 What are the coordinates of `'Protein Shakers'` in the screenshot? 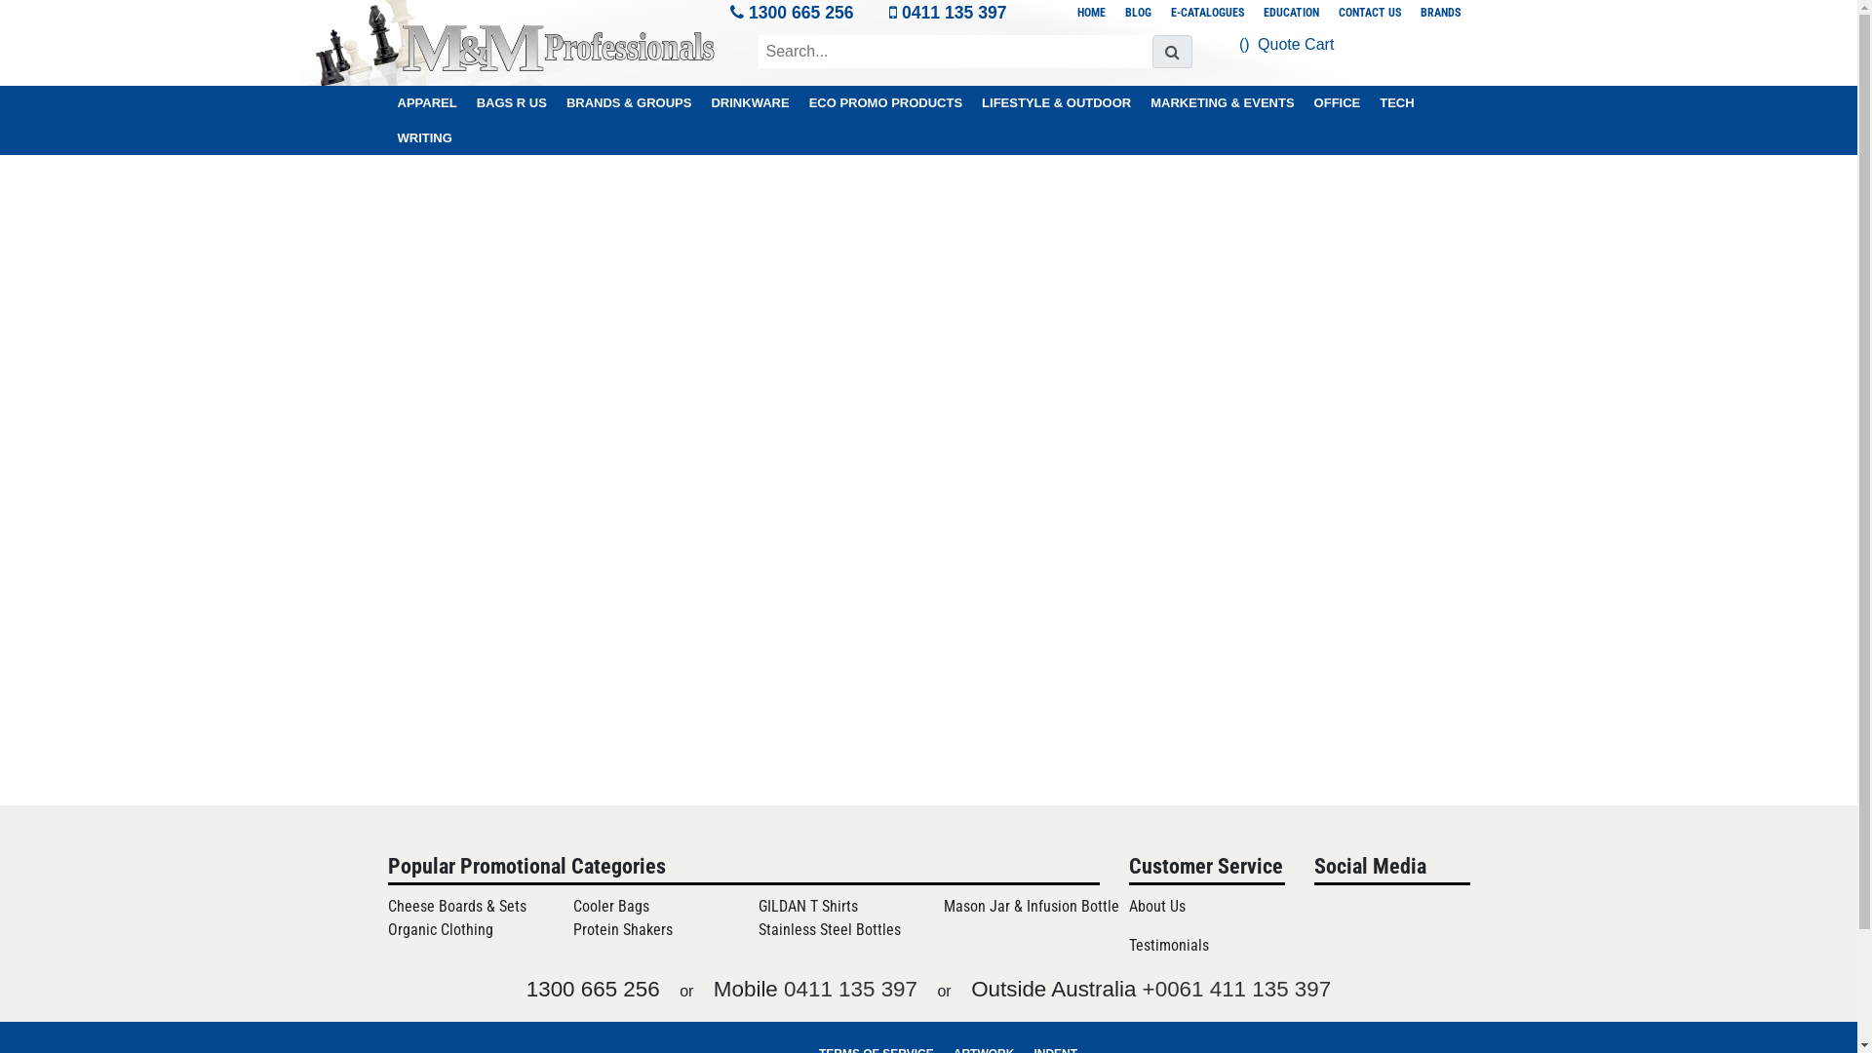 It's located at (621, 928).